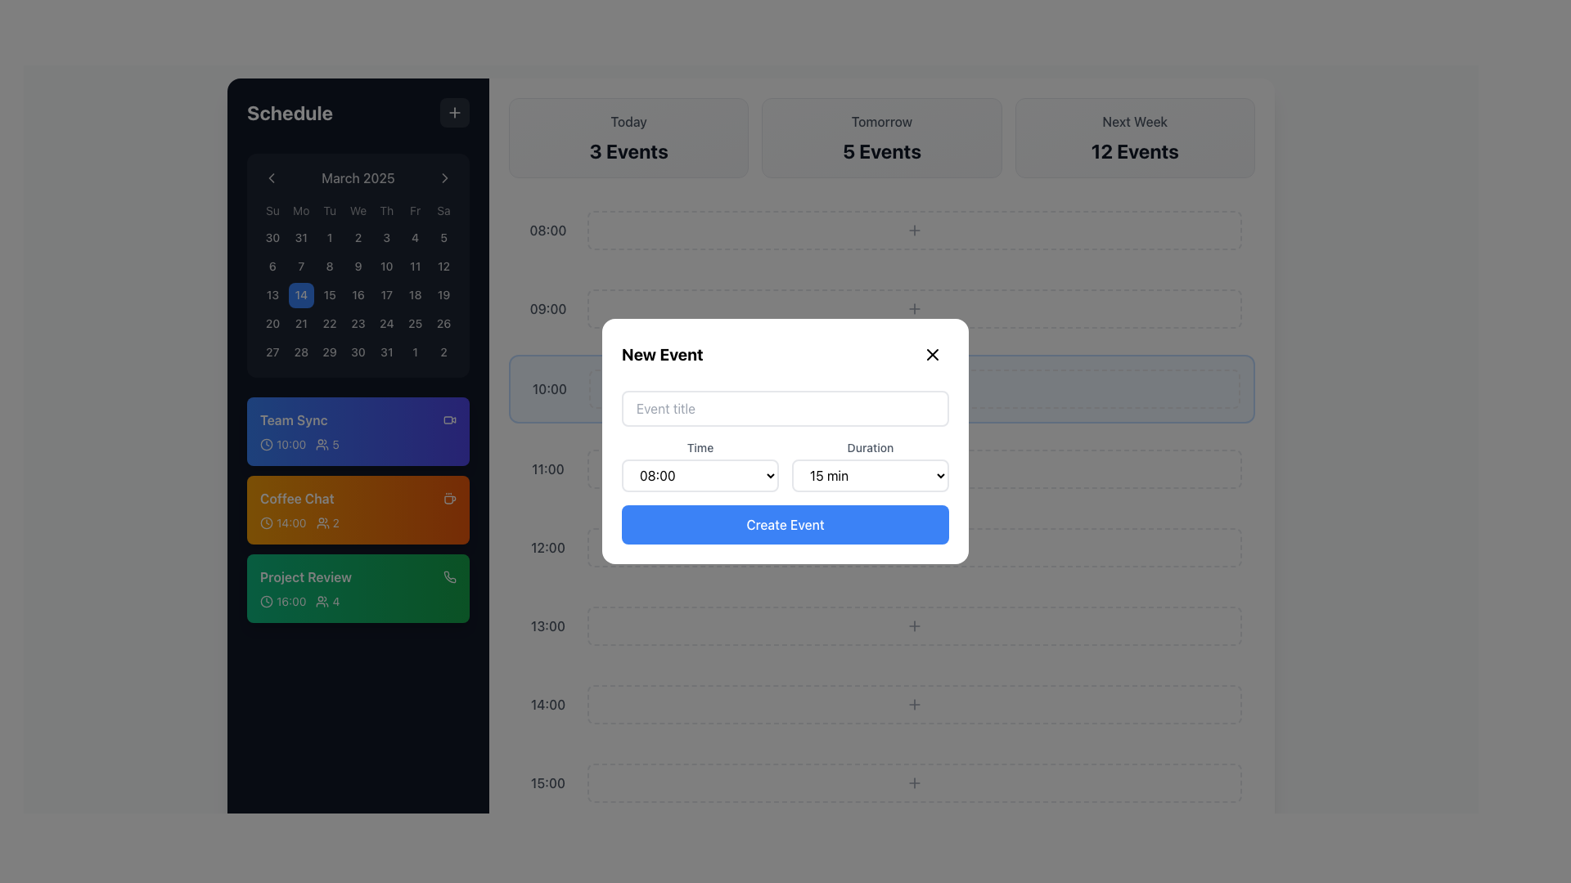 The height and width of the screenshot is (883, 1571). Describe the element at coordinates (357, 295) in the screenshot. I see `the square button with a rounded appearance displaying the number '16' in the fourth row, fourth column of the calendar grid` at that location.